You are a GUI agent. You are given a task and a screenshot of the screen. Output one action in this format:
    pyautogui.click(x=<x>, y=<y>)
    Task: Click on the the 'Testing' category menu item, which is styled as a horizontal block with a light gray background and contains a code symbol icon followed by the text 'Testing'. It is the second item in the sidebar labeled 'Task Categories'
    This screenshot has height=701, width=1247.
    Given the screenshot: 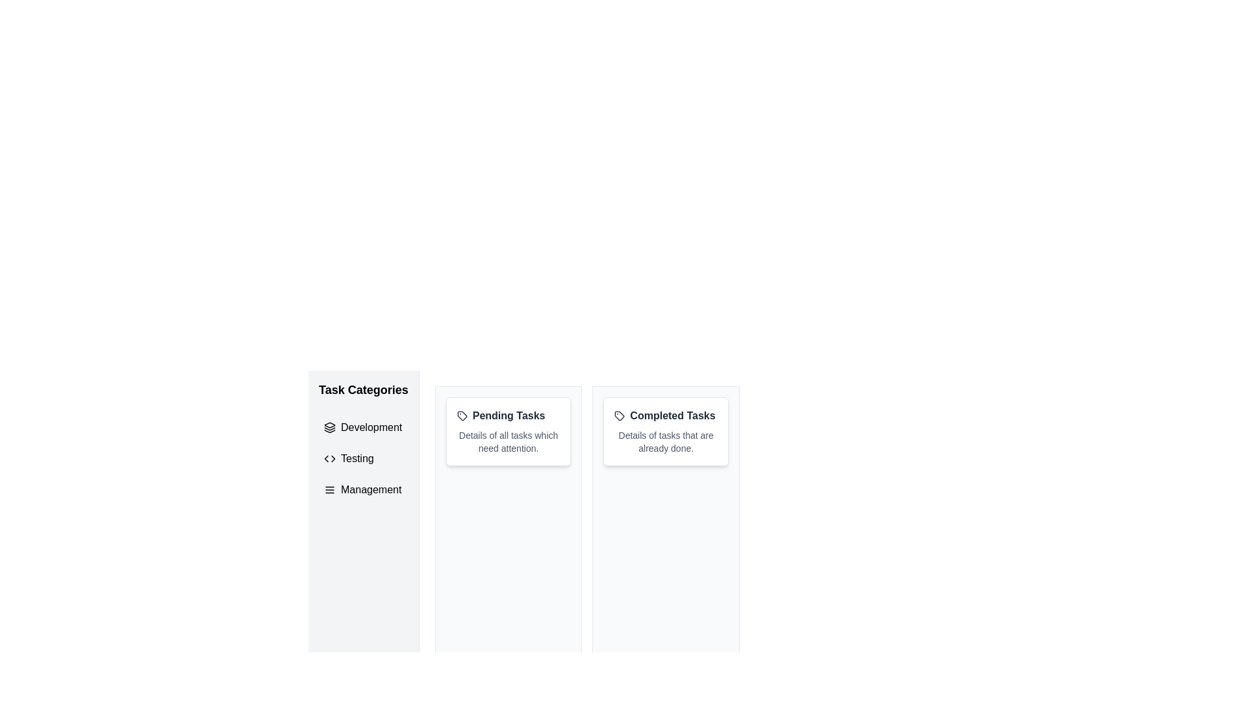 What is the action you would take?
    pyautogui.click(x=363, y=458)
    